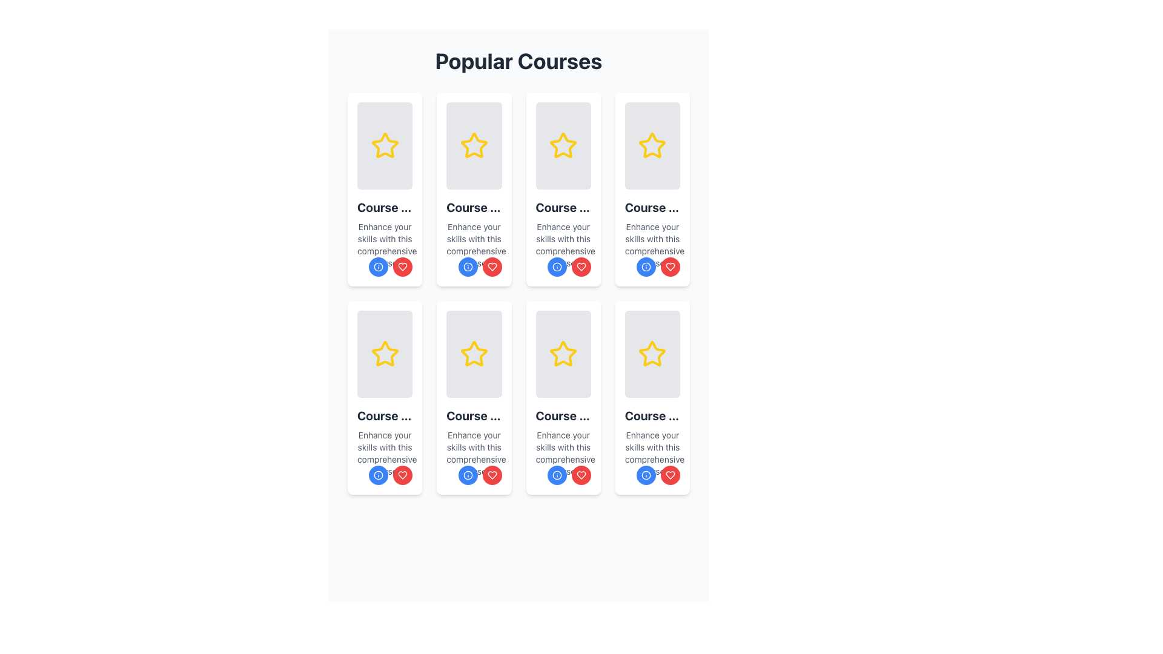 This screenshot has width=1163, height=654. What do you see at coordinates (652, 145) in the screenshot?
I see `the star-shaped icon with a yellow border located at the top-center of the fourth course card in the first row of the grid layout` at bounding box center [652, 145].